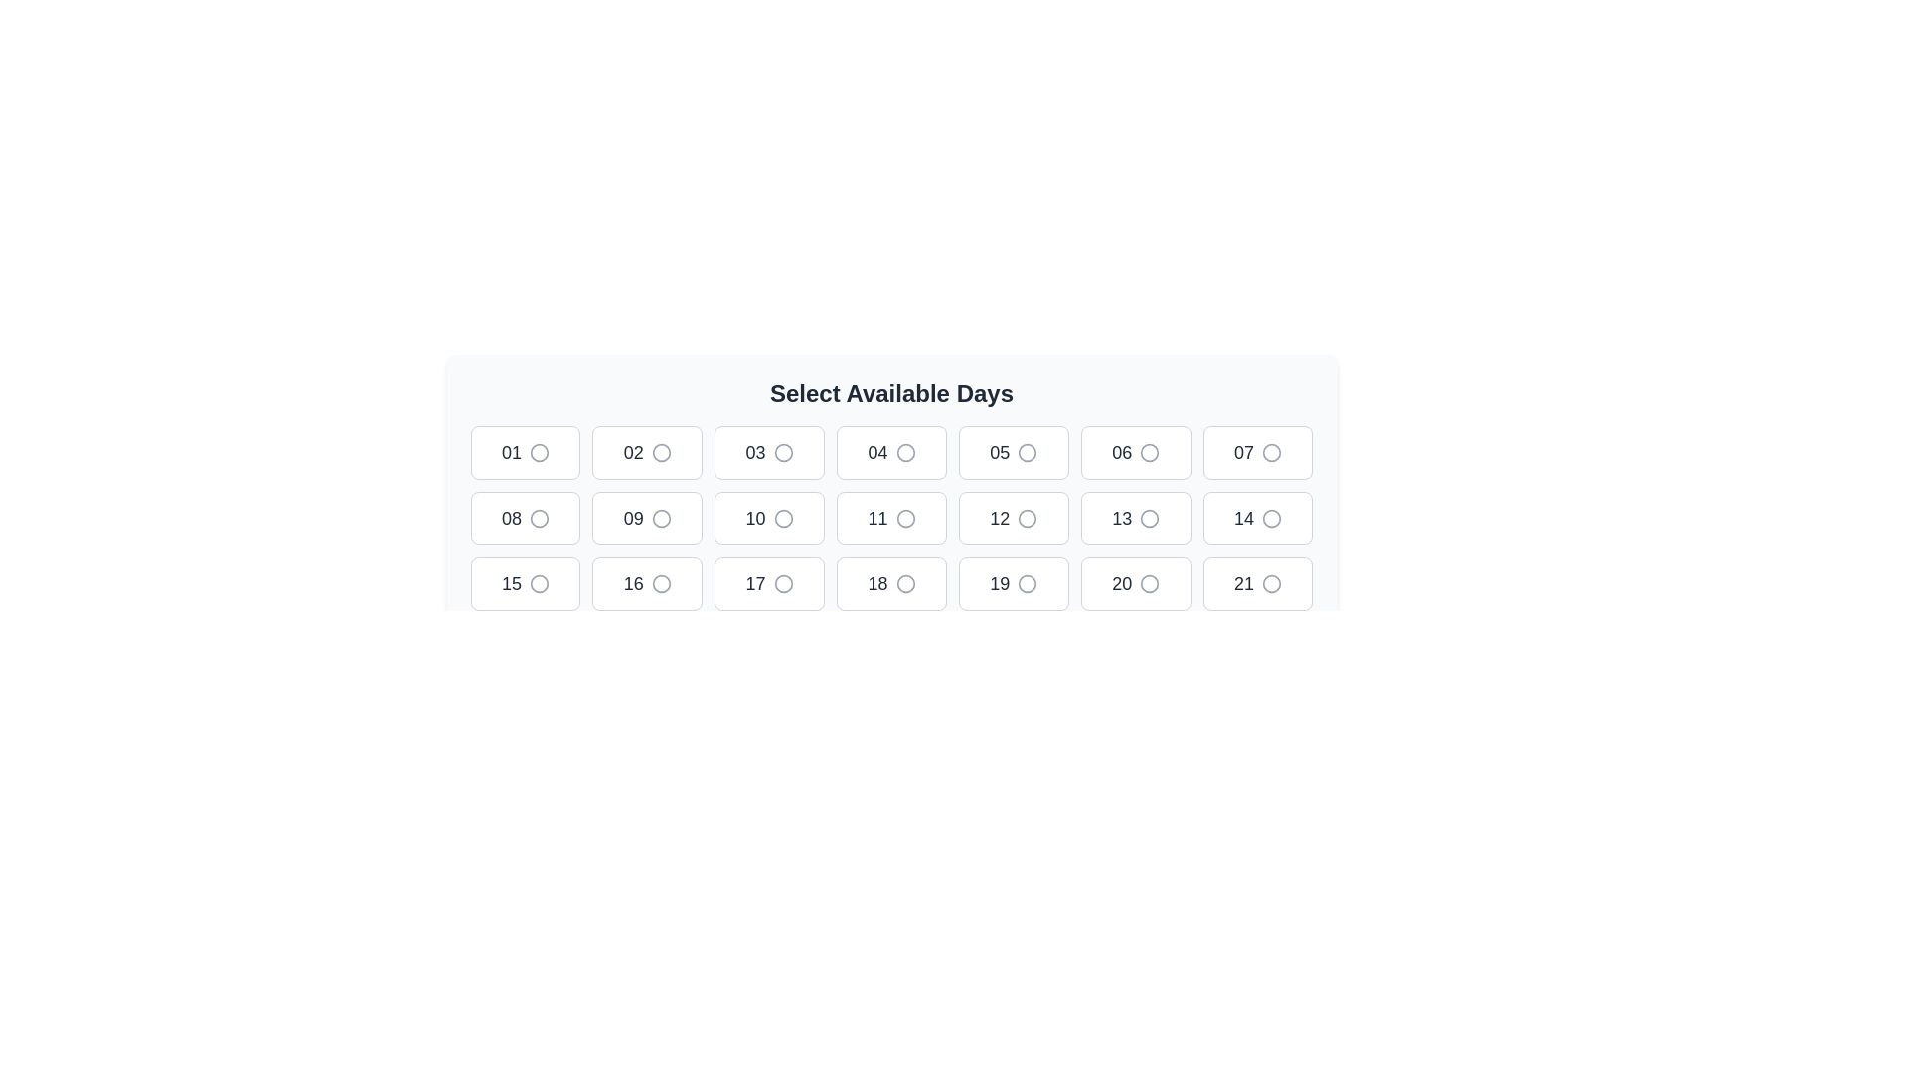 The width and height of the screenshot is (1908, 1073). I want to click on the selectable button representing day '10' in the calendar interface, so click(768, 517).